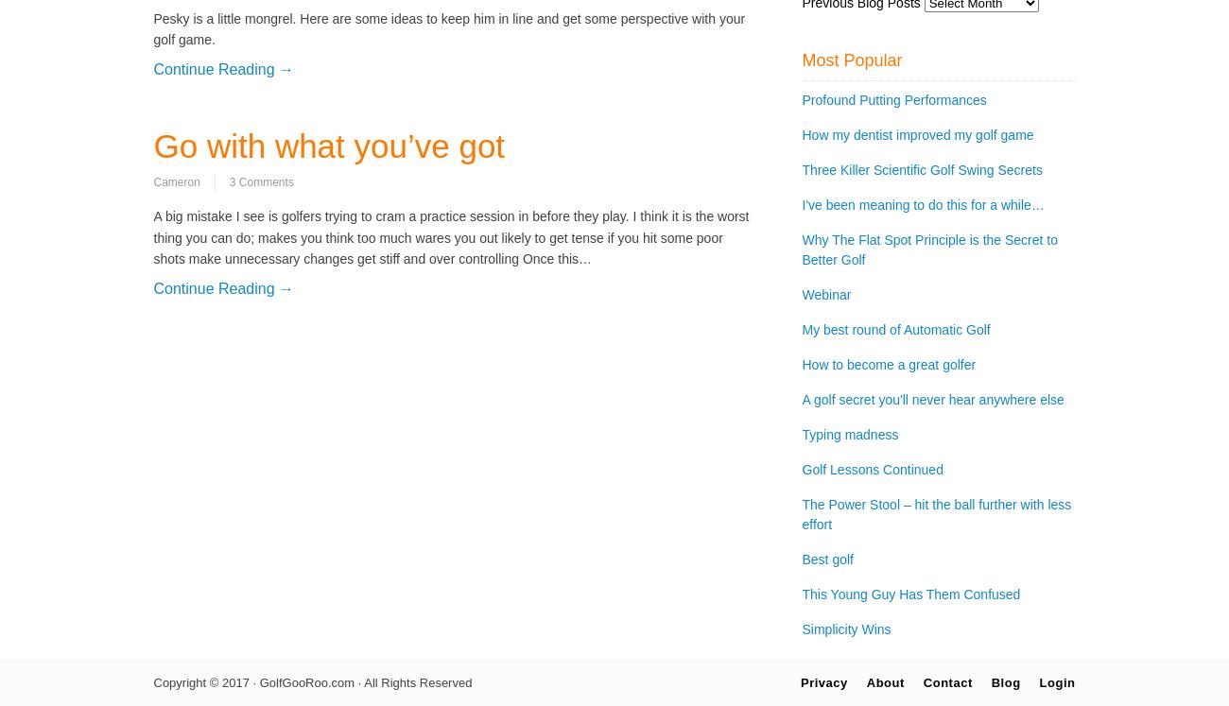  What do you see at coordinates (895, 329) in the screenshot?
I see `'My best round of Automatic Golf'` at bounding box center [895, 329].